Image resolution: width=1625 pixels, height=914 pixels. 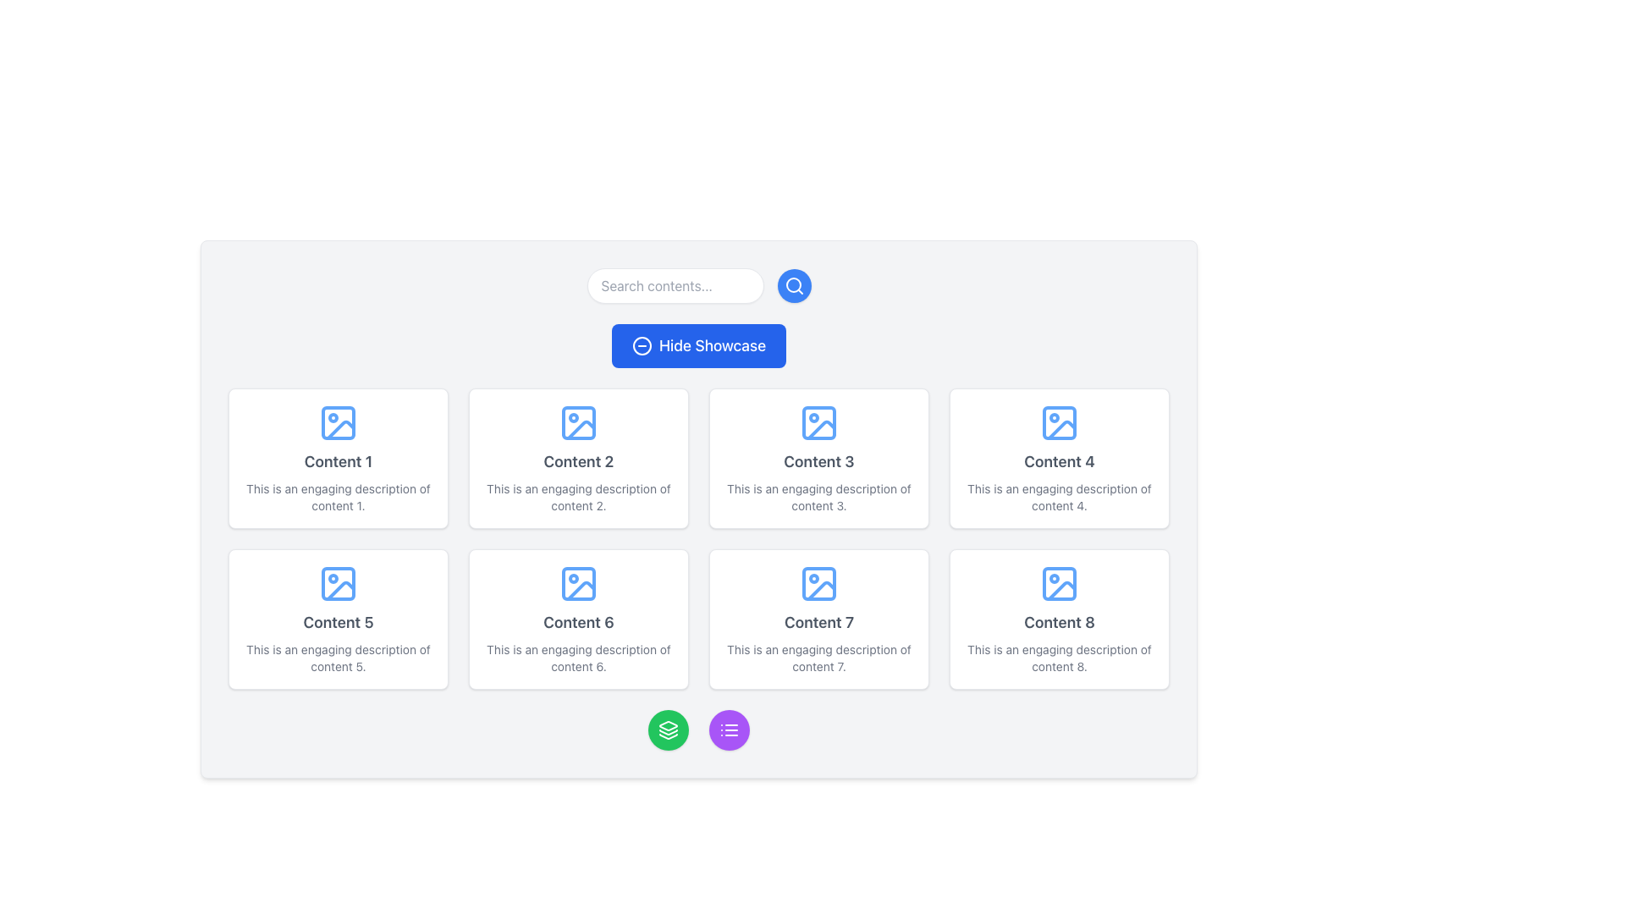 I want to click on the icon located in the first column of the second row within the card labeled 'Content 5', which visually represents content or imagery, so click(x=338, y=583).